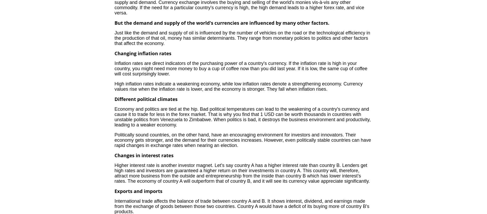  I want to click on 'Economy and politics are tied at the hip. Bad political temperatures can lead to the weakening of a country's currency and cause it to trade for less in the forex market. That is why you find that 1 USD can be worth thousands in countries with unstable politics from Venezuela to Zimbabwe. When politics is bad, it destroys the business environment and productivity, leading to a weaker economy.', so click(114, 117).